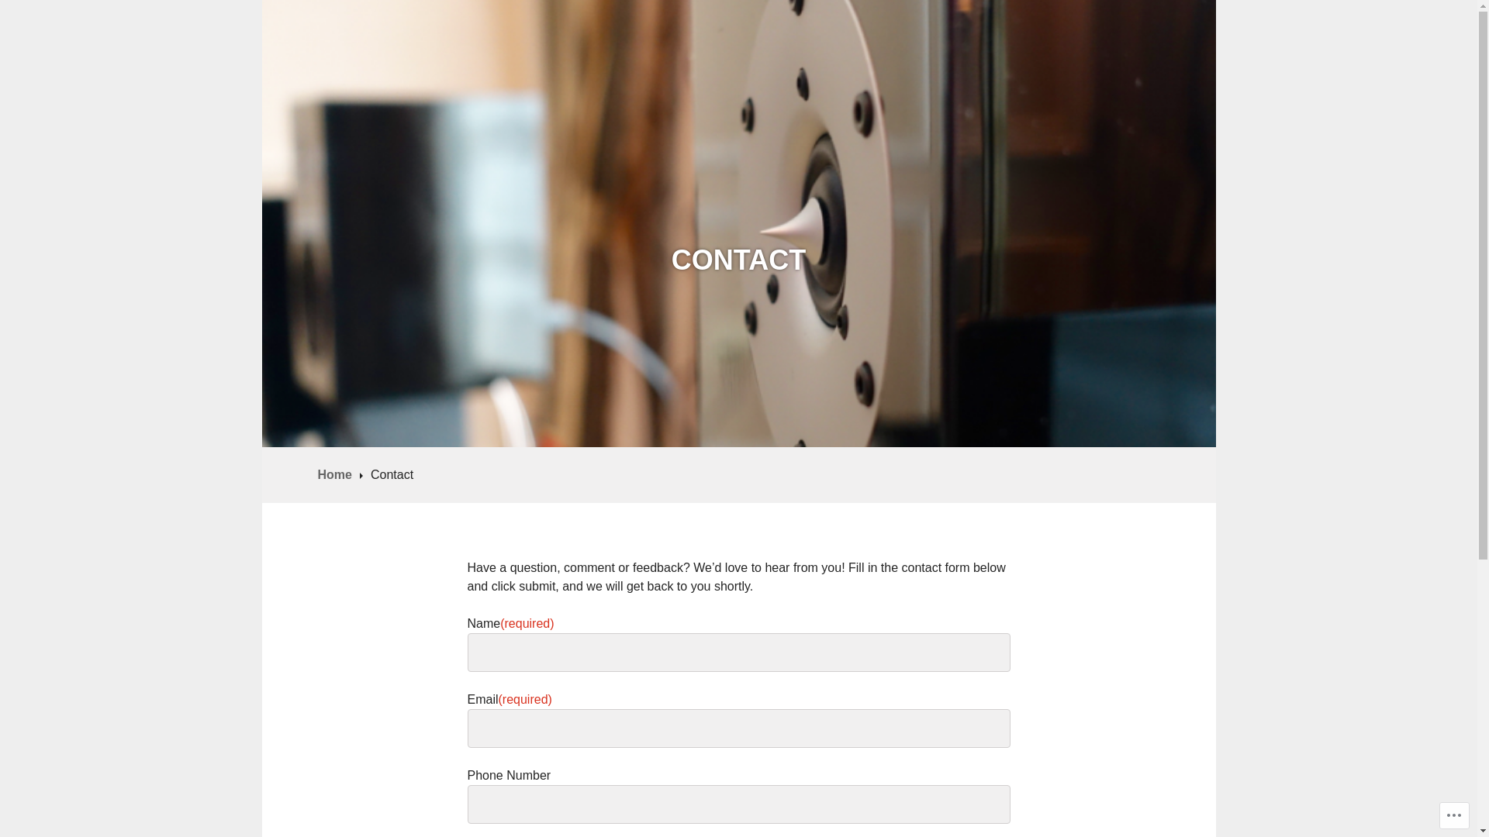  I want to click on 'Home', so click(339, 474).